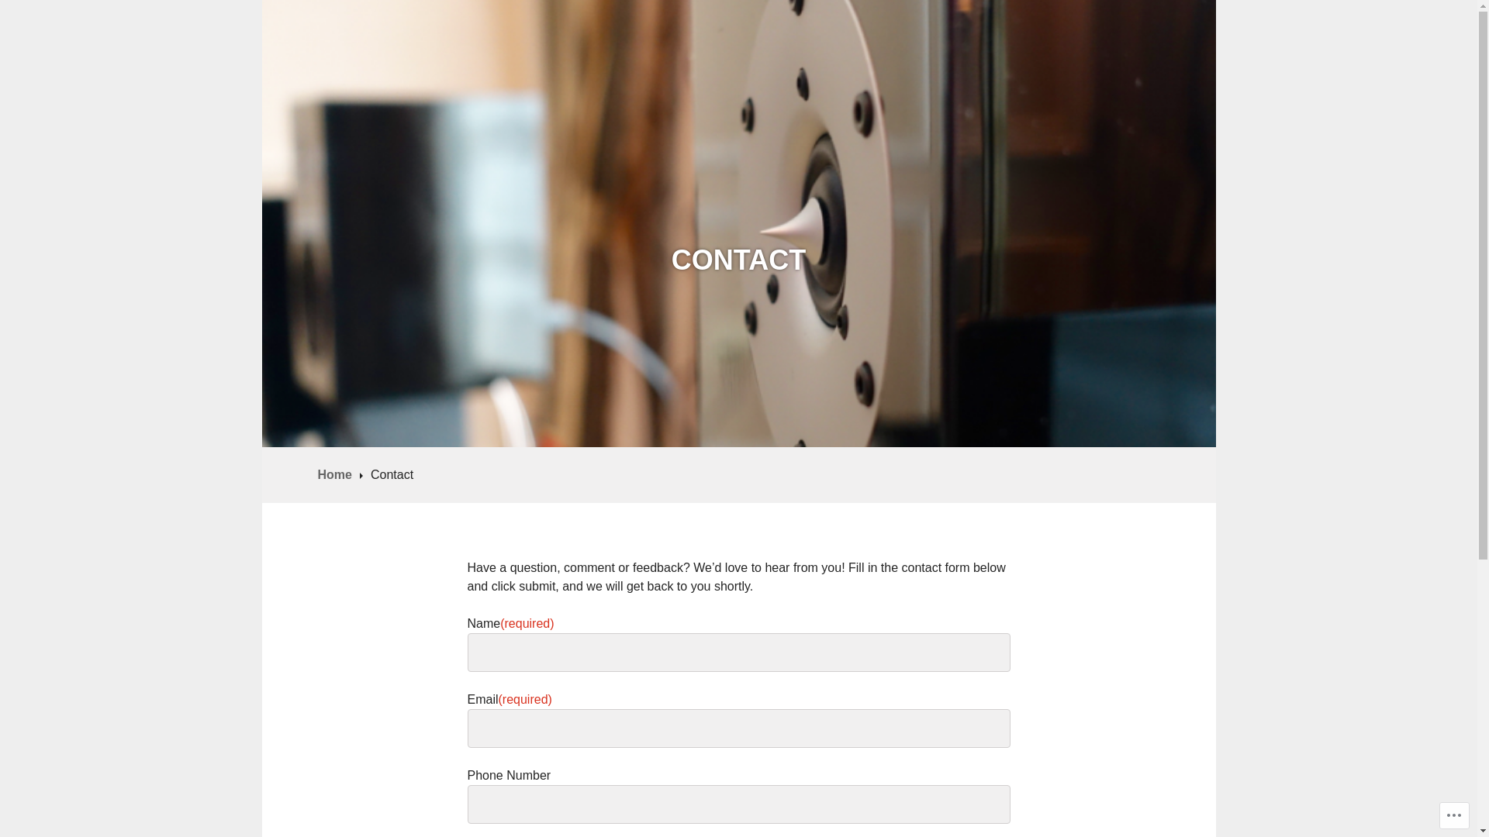  I want to click on 'Home', so click(339, 474).